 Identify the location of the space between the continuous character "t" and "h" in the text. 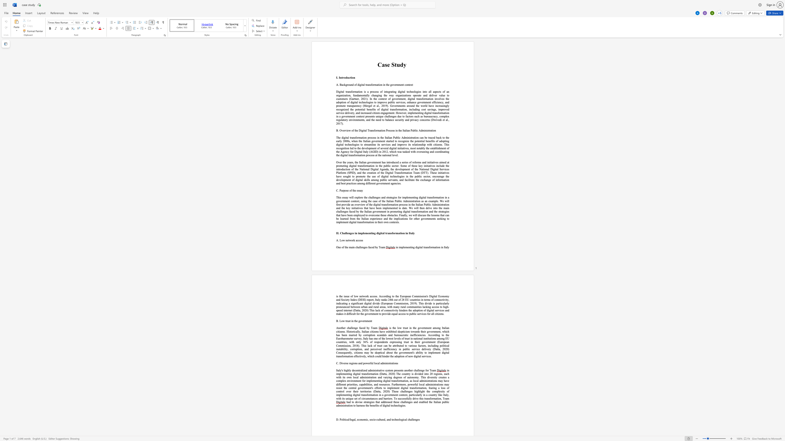
(355, 321).